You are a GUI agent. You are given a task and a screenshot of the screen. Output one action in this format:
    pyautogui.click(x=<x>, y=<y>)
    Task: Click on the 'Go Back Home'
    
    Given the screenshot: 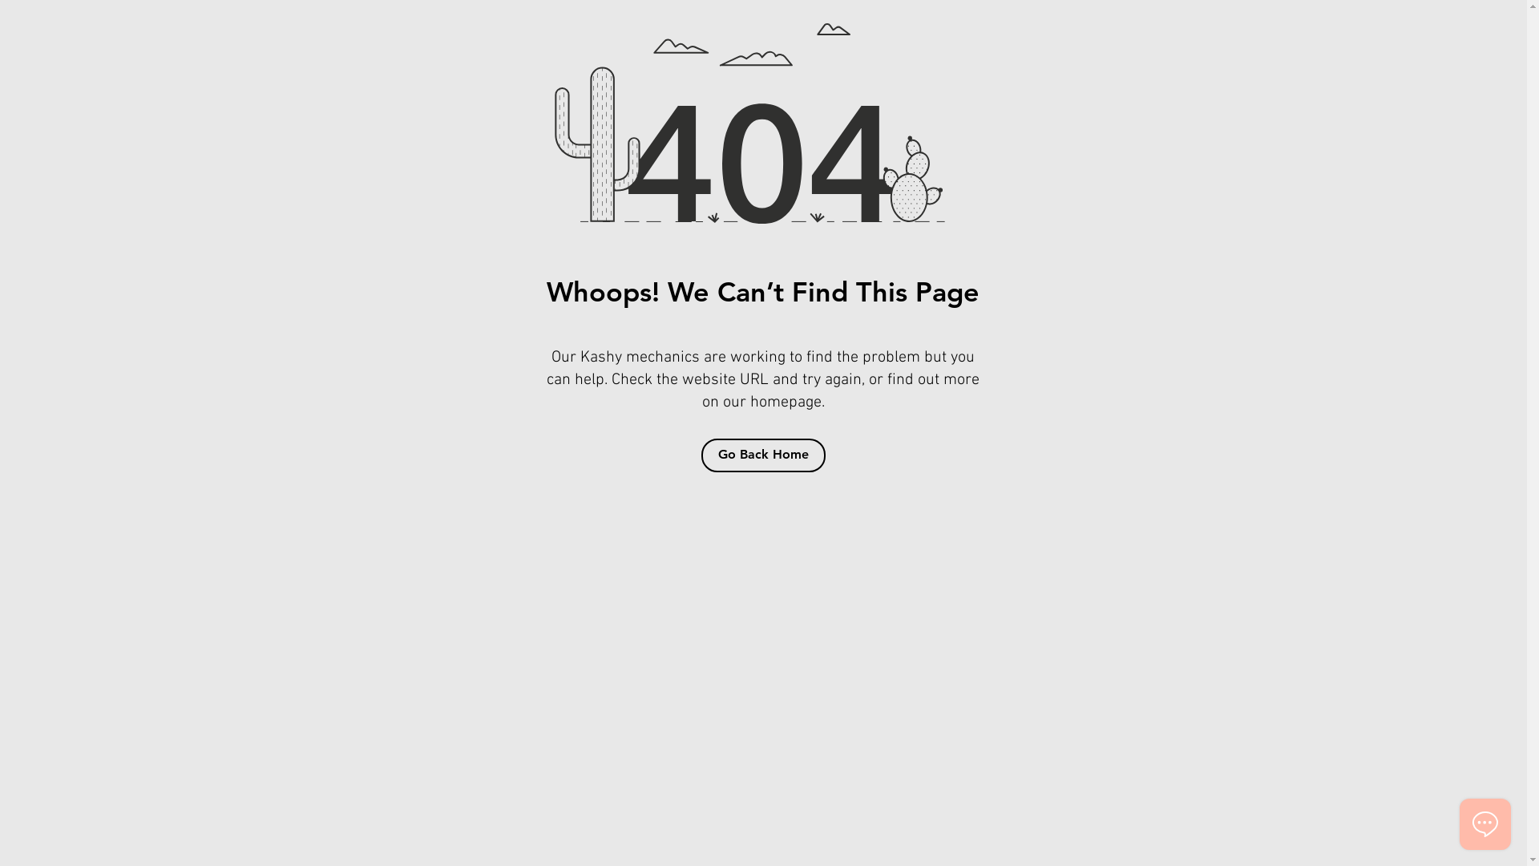 What is the action you would take?
    pyautogui.click(x=761, y=455)
    